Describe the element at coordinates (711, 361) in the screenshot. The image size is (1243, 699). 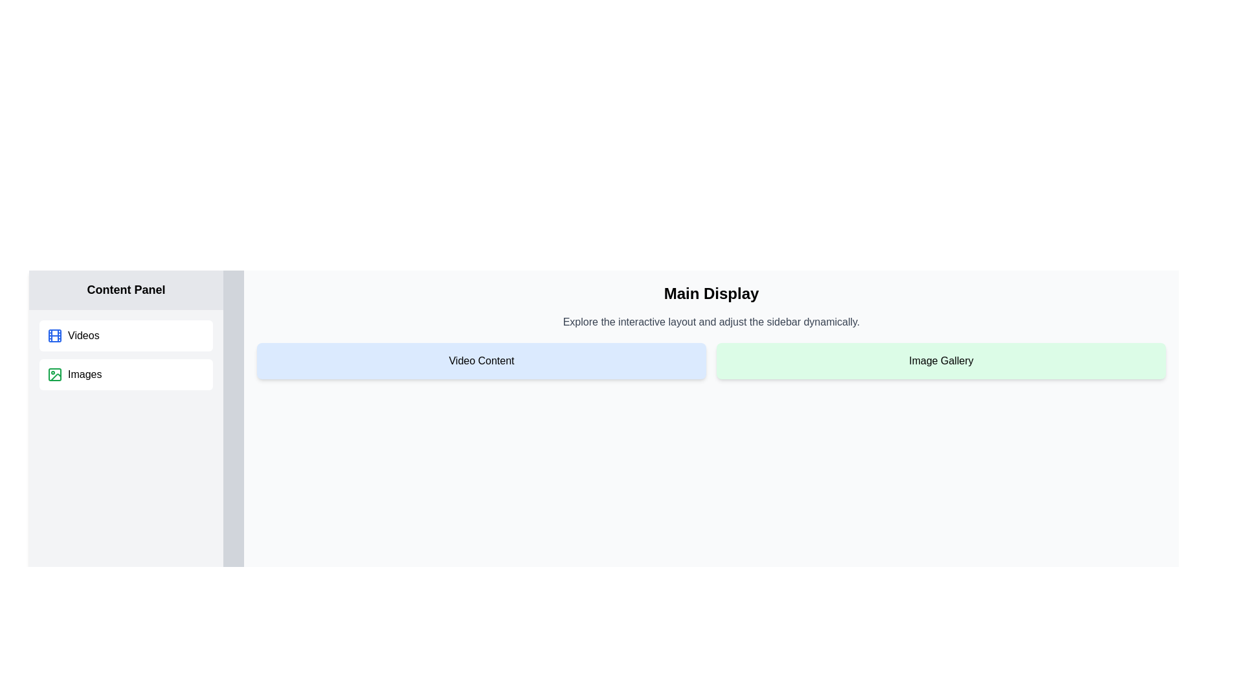
I see `the segmented selection component located under 'Main Display' and 'Explore the interactive layout and adjust the sidebar dynamically.'` at that location.